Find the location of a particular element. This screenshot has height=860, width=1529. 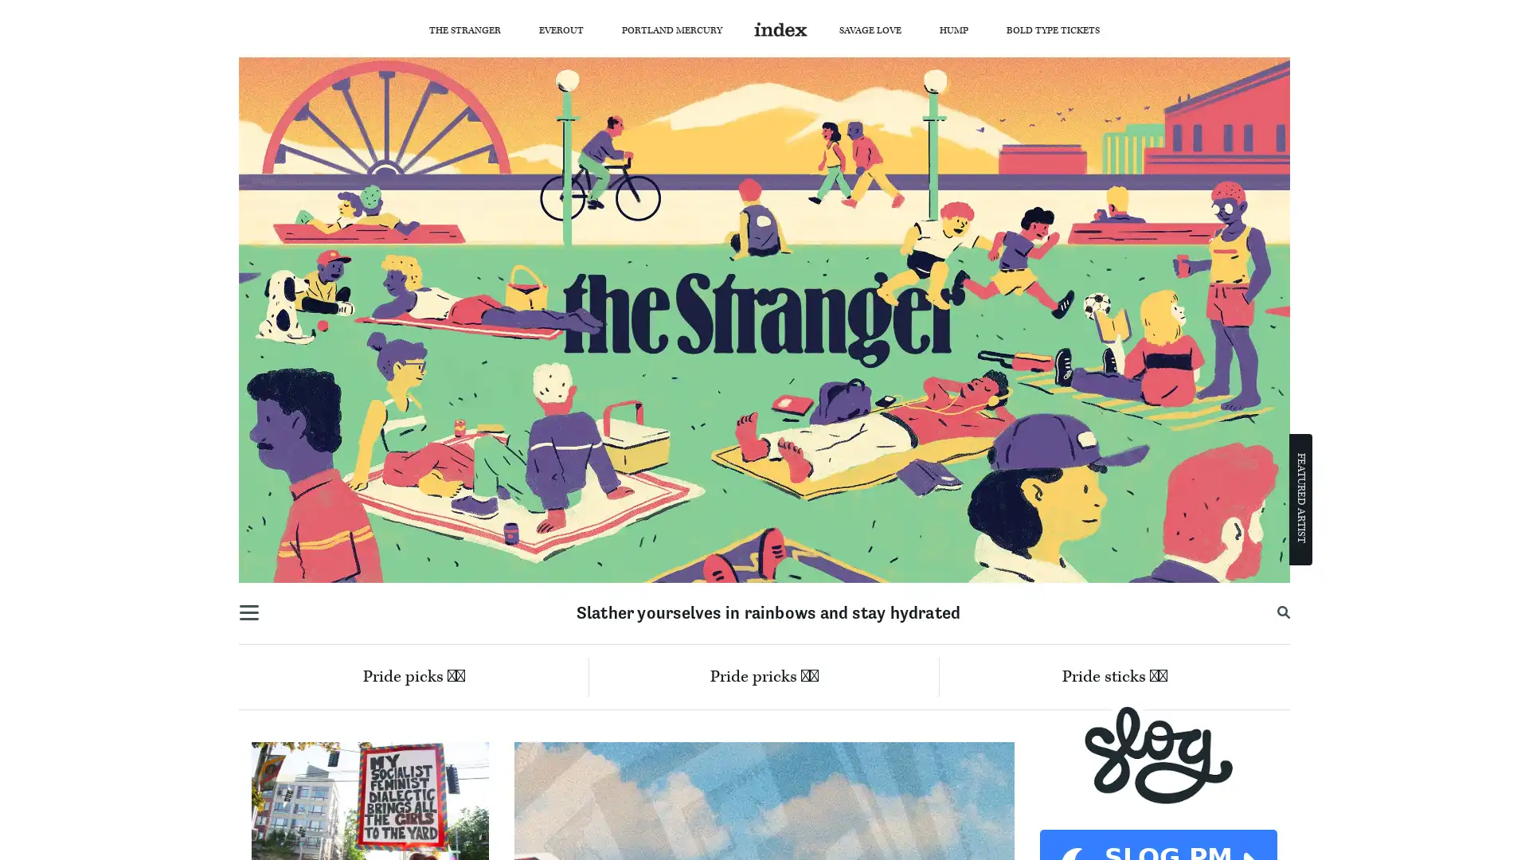

FEATURED ARTIST is located at coordinates (1300, 497).